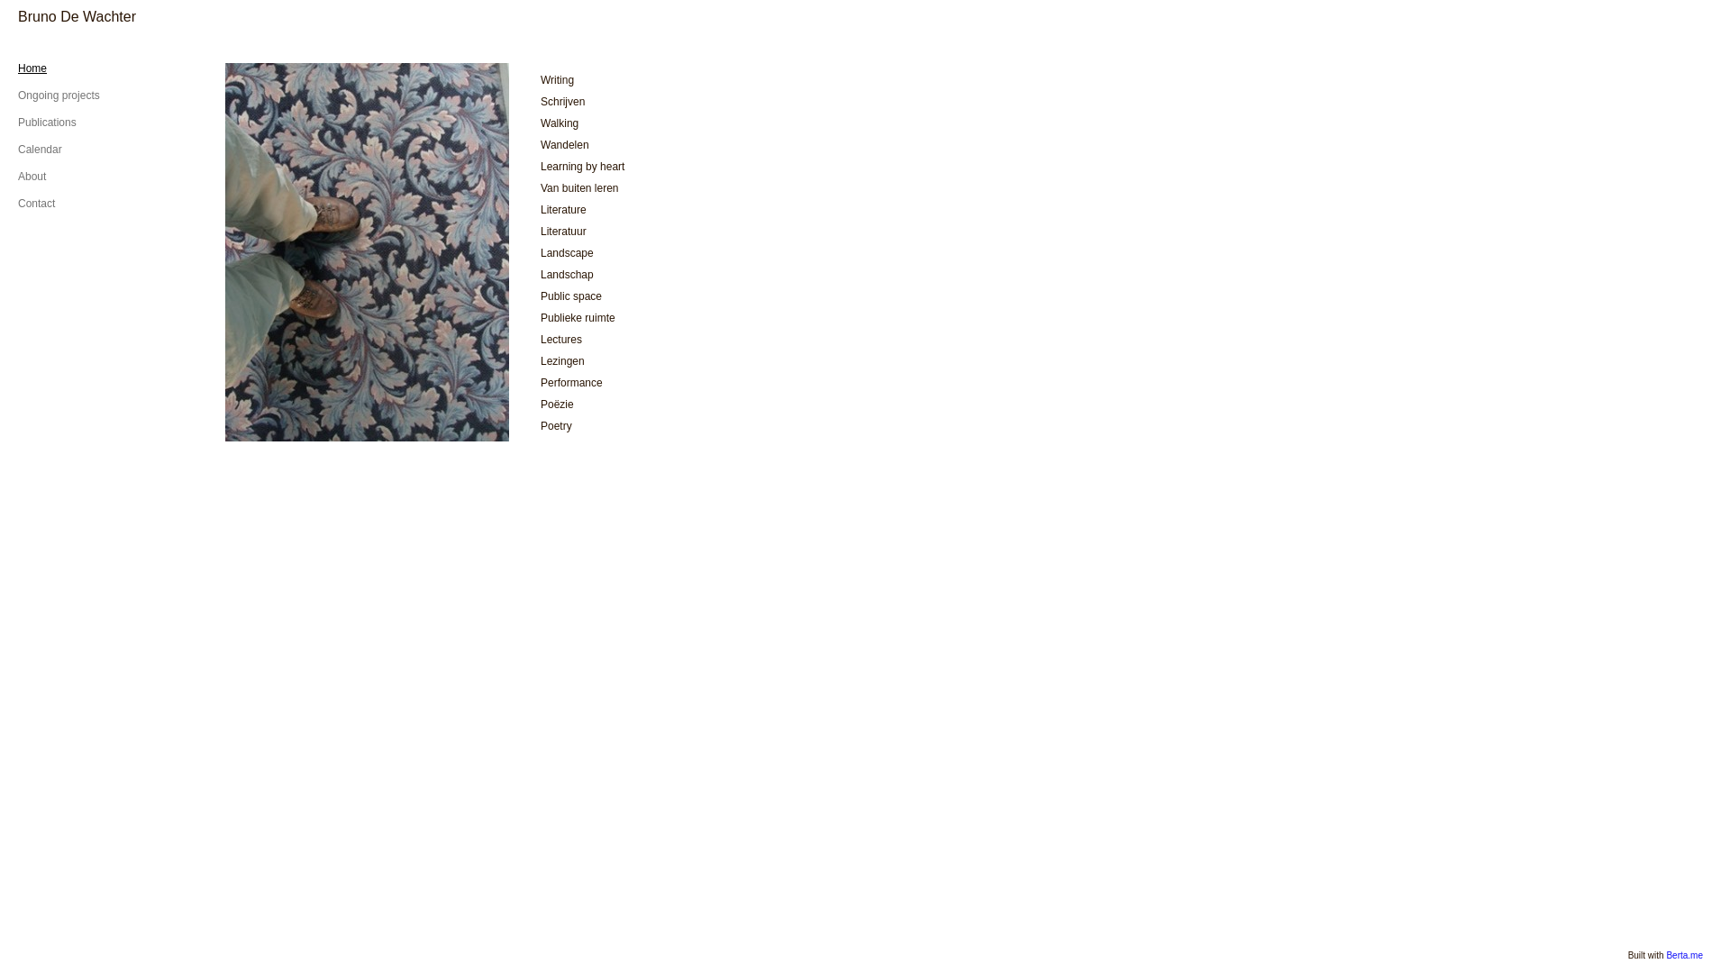 The image size is (1730, 973). Describe the element at coordinates (47, 122) in the screenshot. I see `'Publications'` at that location.